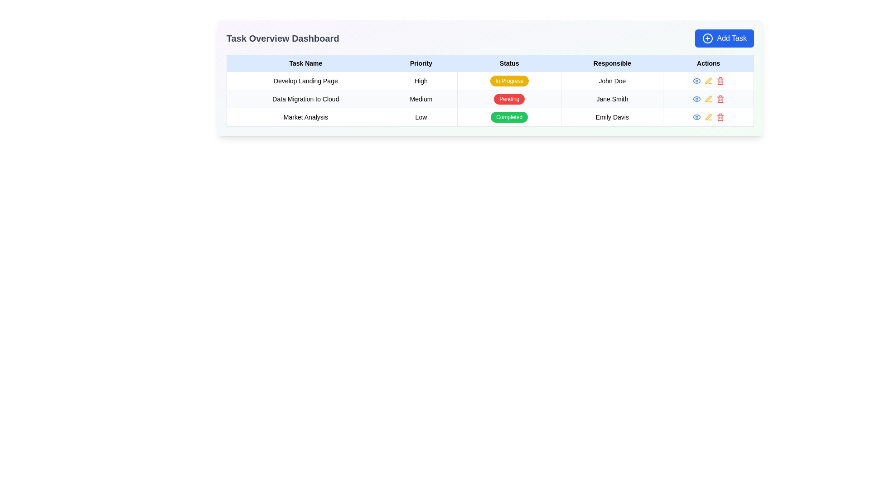  I want to click on the outer circular boundary of the 'add task' icon located at the top-right corner of the interface, so click(707, 38).